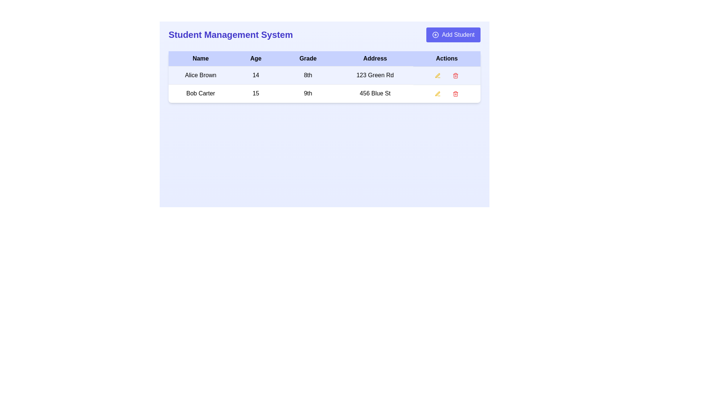  Describe the element at coordinates (455, 75) in the screenshot. I see `the red trash bin icon button in the 'Actions' column for the entry 'Alice Brown'` at that location.